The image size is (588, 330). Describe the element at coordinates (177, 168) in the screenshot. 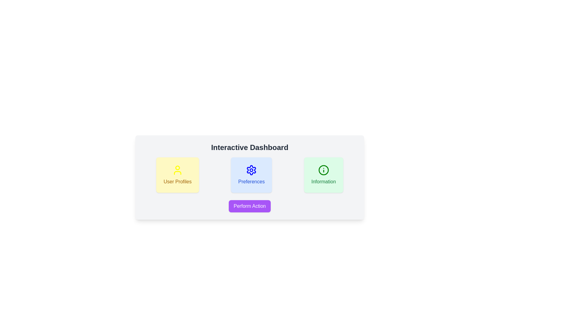

I see `the graphical circle element representing the user profile icon located in the first tile on the dashboard` at that location.